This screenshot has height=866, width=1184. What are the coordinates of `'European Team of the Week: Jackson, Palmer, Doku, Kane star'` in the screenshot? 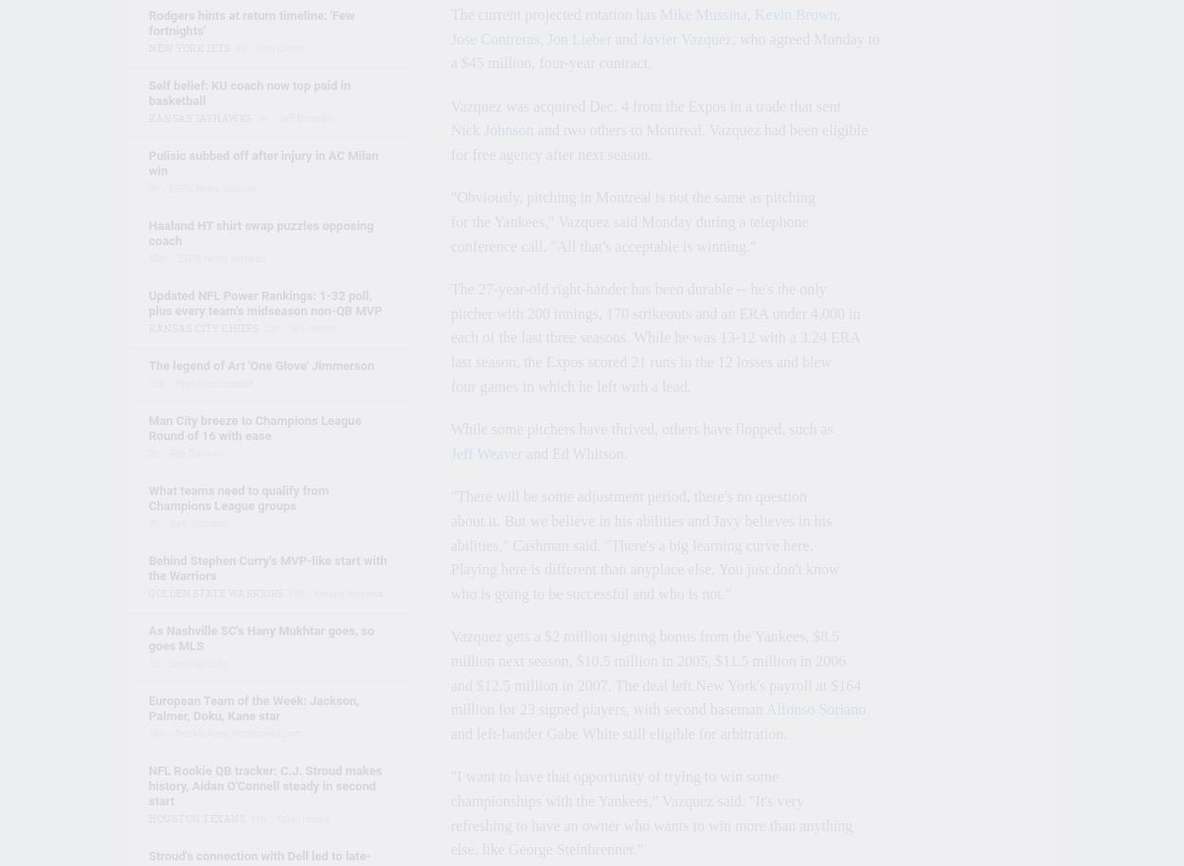 It's located at (254, 708).